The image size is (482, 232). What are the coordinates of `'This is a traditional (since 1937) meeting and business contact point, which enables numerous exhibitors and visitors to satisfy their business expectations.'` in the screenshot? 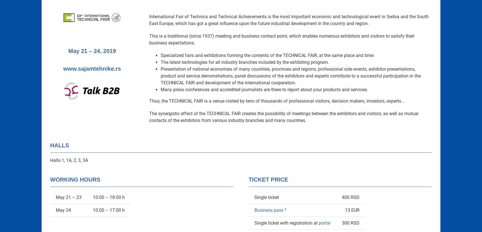 It's located at (281, 39).